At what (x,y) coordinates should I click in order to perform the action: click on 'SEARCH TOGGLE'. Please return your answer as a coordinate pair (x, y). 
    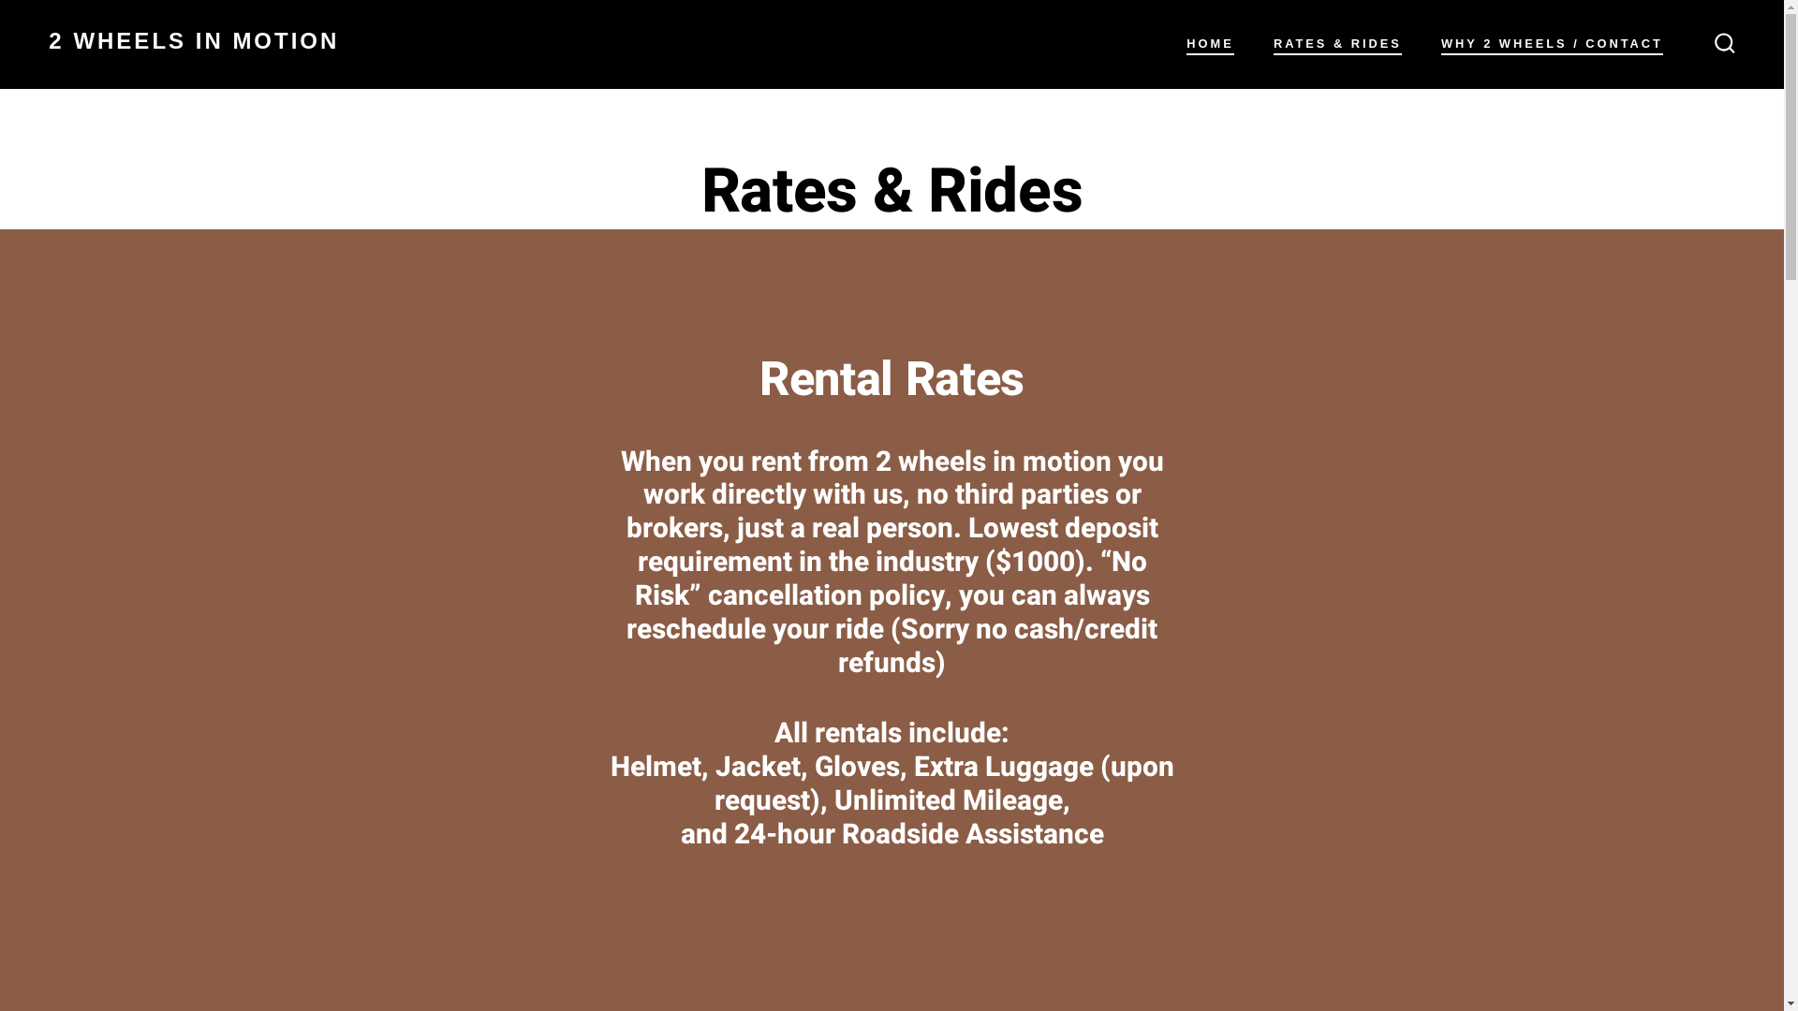
    Looking at the image, I should click on (1724, 42).